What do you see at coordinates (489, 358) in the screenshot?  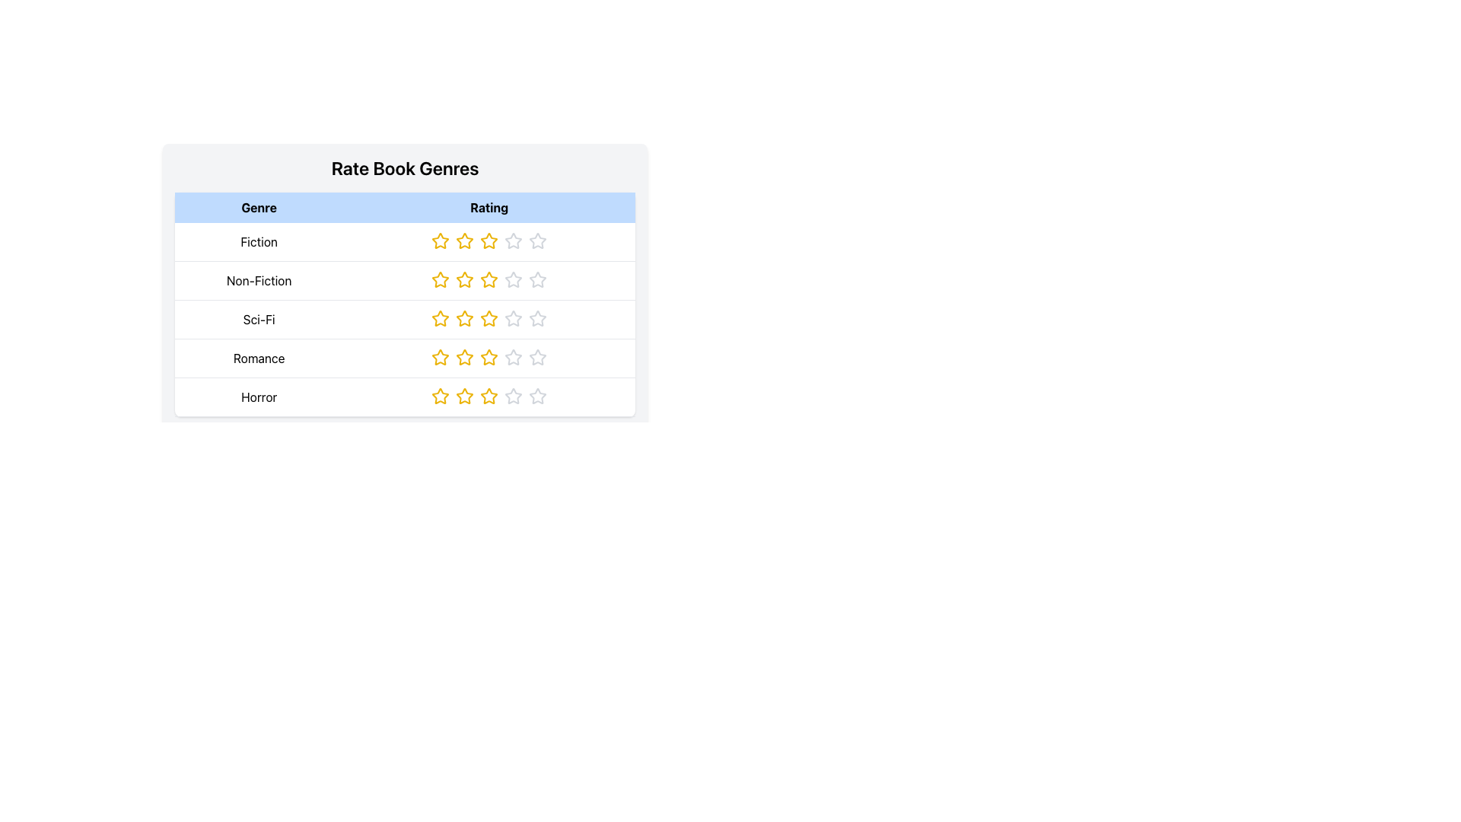 I see `the third rating star in the Romance genre` at bounding box center [489, 358].